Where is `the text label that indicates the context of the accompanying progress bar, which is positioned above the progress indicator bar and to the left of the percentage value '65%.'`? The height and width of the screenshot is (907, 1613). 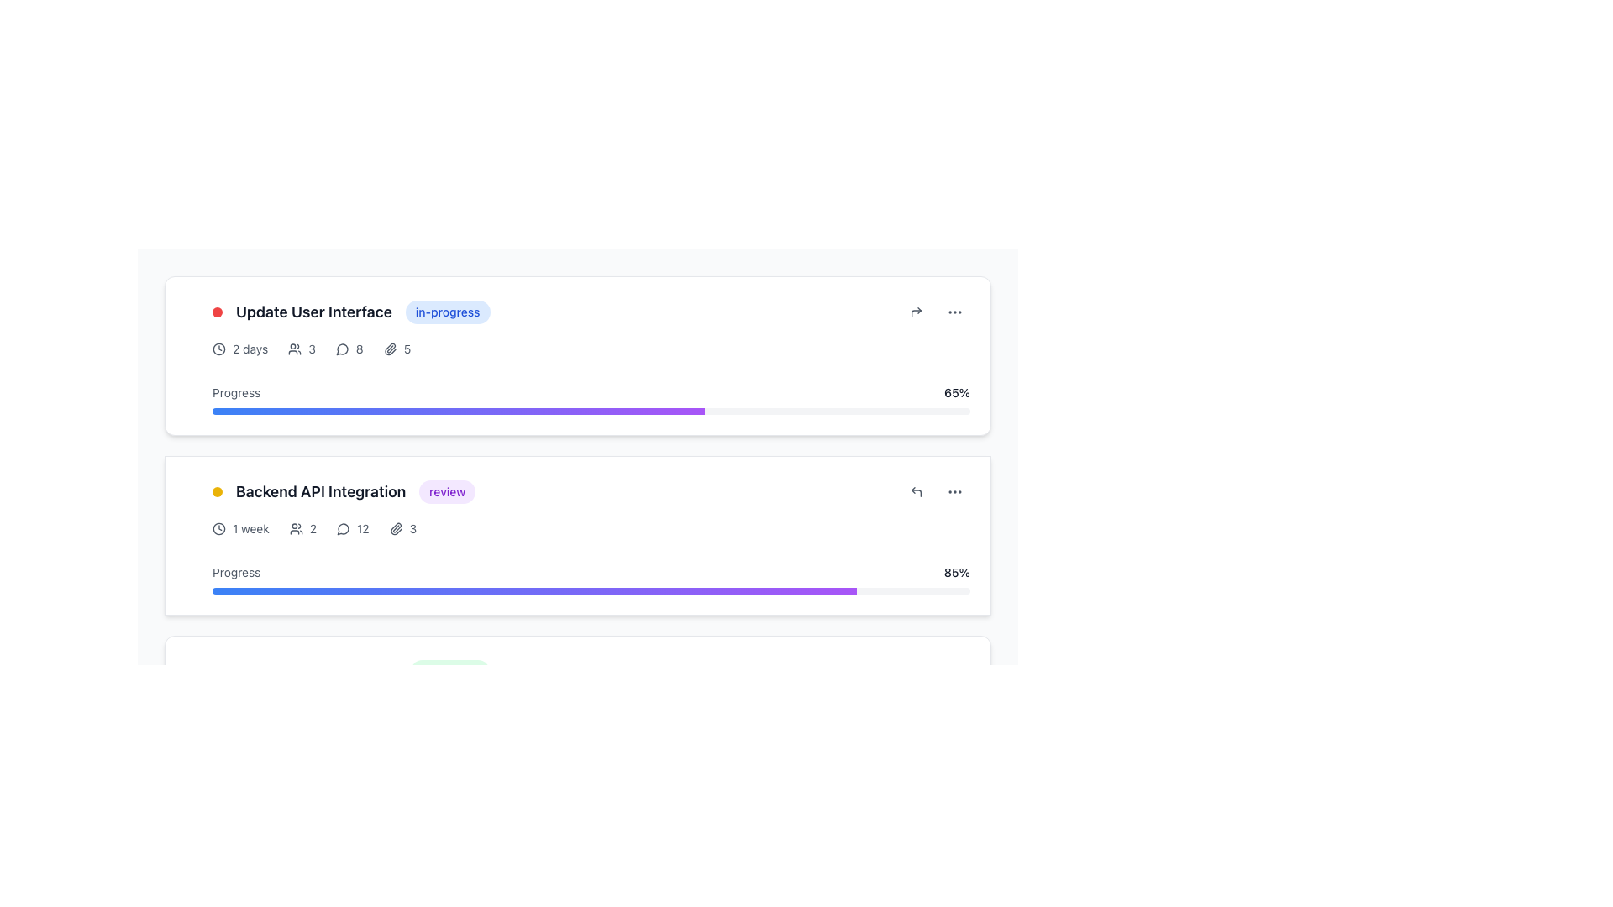
the text label that indicates the context of the accompanying progress bar, which is positioned above the progress indicator bar and to the left of the percentage value '65%.' is located at coordinates (235, 392).